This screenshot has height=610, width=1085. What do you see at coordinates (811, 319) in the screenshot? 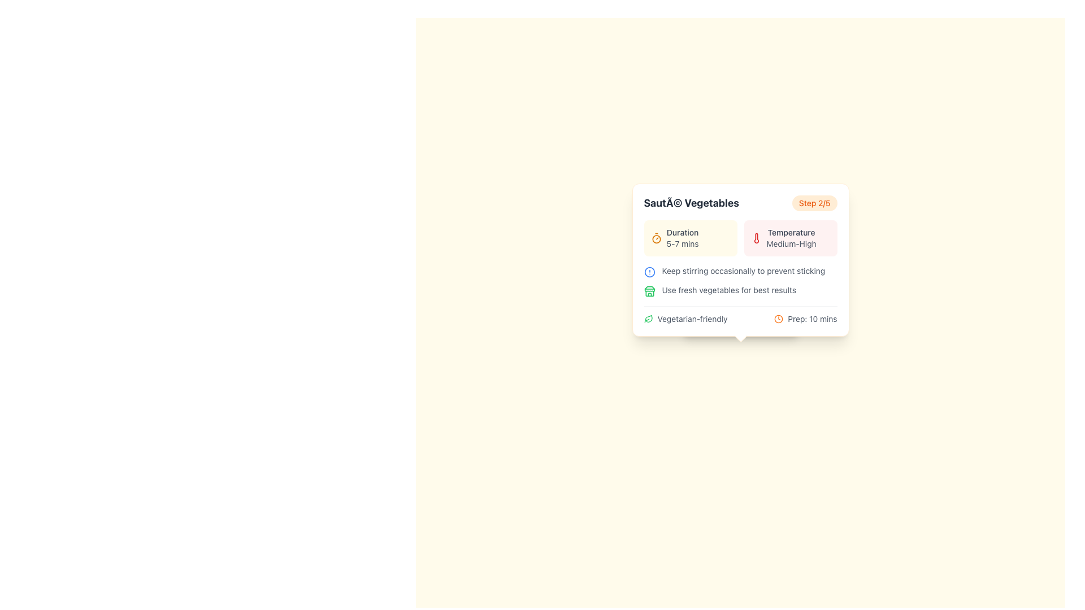
I see `the text label reading 'Prep: 10 mins', which is styled with a small font and gray color, located to the right of a clock icon in the recipe card's footer section` at bounding box center [811, 319].